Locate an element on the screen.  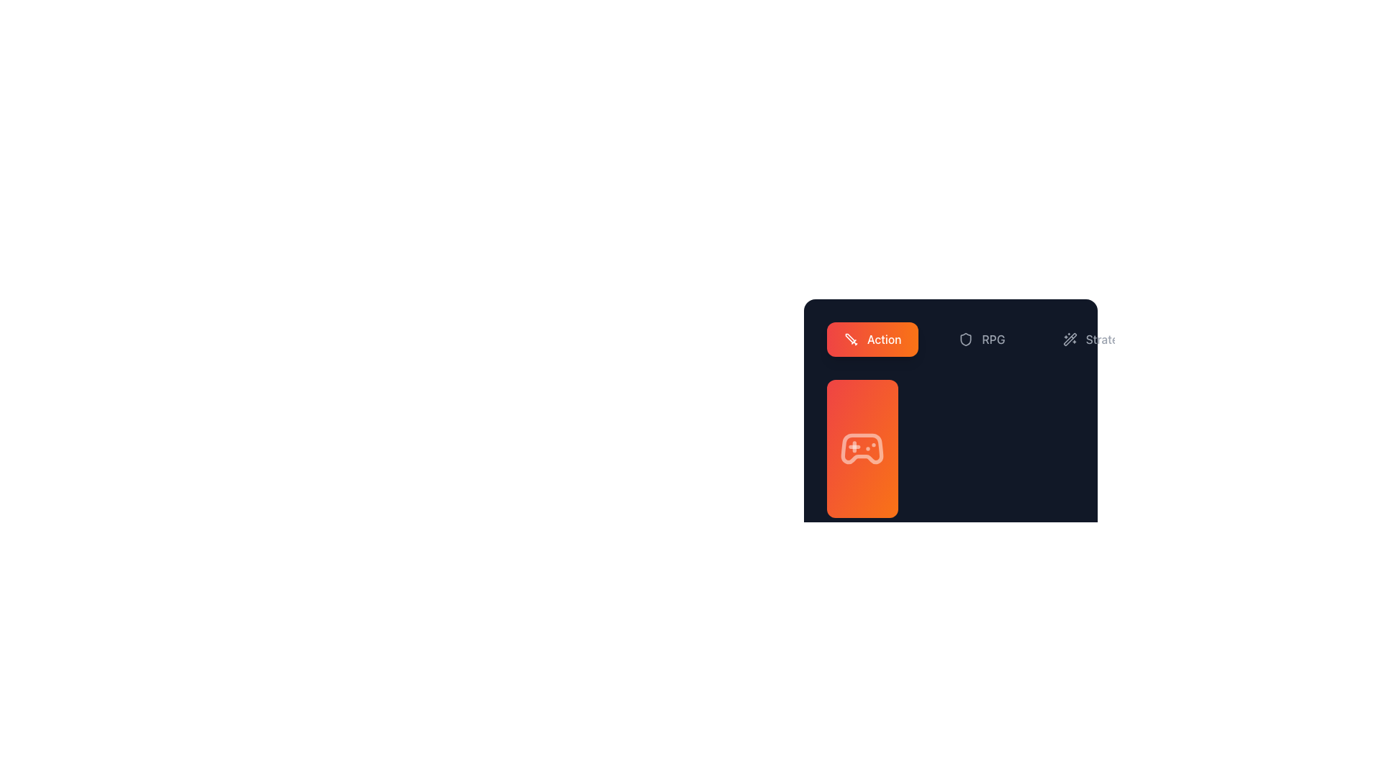
the 'RPG' button, which is styled with a shield icon and is positioned second among game genre labels is located at coordinates (981, 339).